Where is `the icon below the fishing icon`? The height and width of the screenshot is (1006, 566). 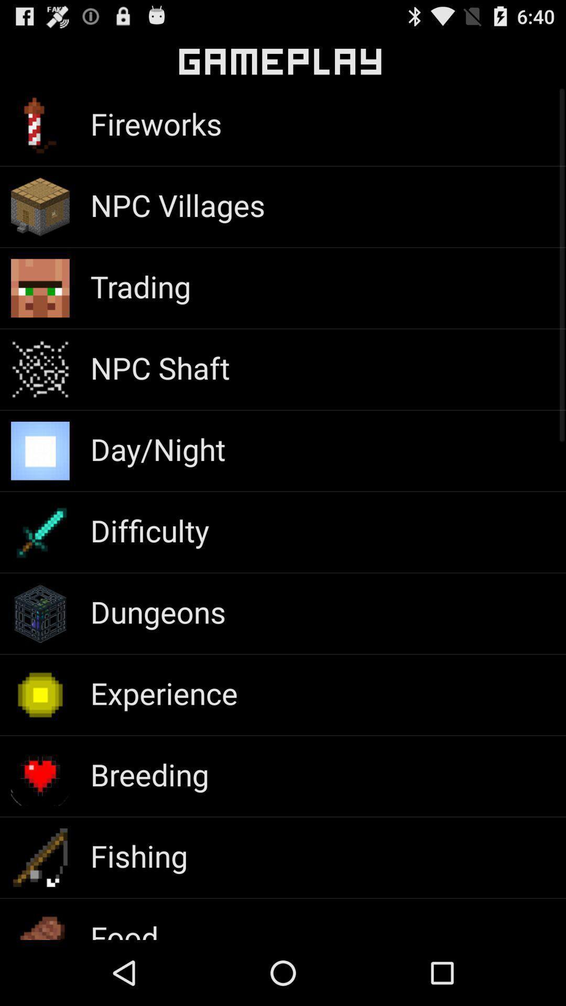 the icon below the fishing icon is located at coordinates (124, 928).